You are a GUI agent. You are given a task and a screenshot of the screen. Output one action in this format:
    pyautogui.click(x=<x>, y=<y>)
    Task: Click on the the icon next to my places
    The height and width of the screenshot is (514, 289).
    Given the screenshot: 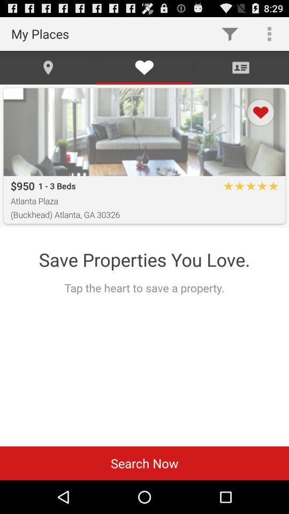 What is the action you would take?
    pyautogui.click(x=229, y=33)
    